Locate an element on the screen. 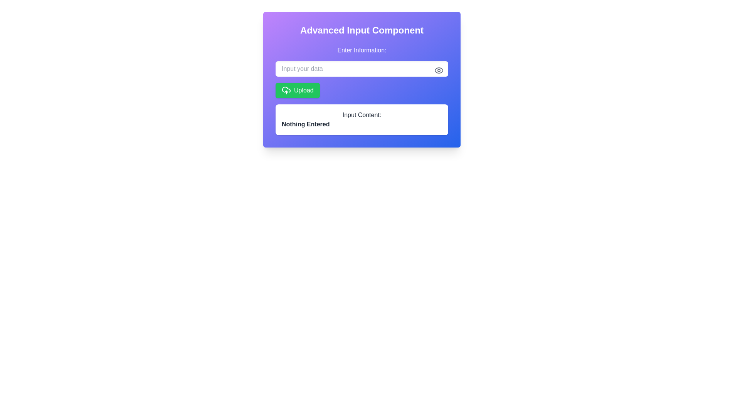  the Text label that displays 'Input Content:' followed by 'Nothing Entered' with a white background and rounded corners is located at coordinates (362, 120).